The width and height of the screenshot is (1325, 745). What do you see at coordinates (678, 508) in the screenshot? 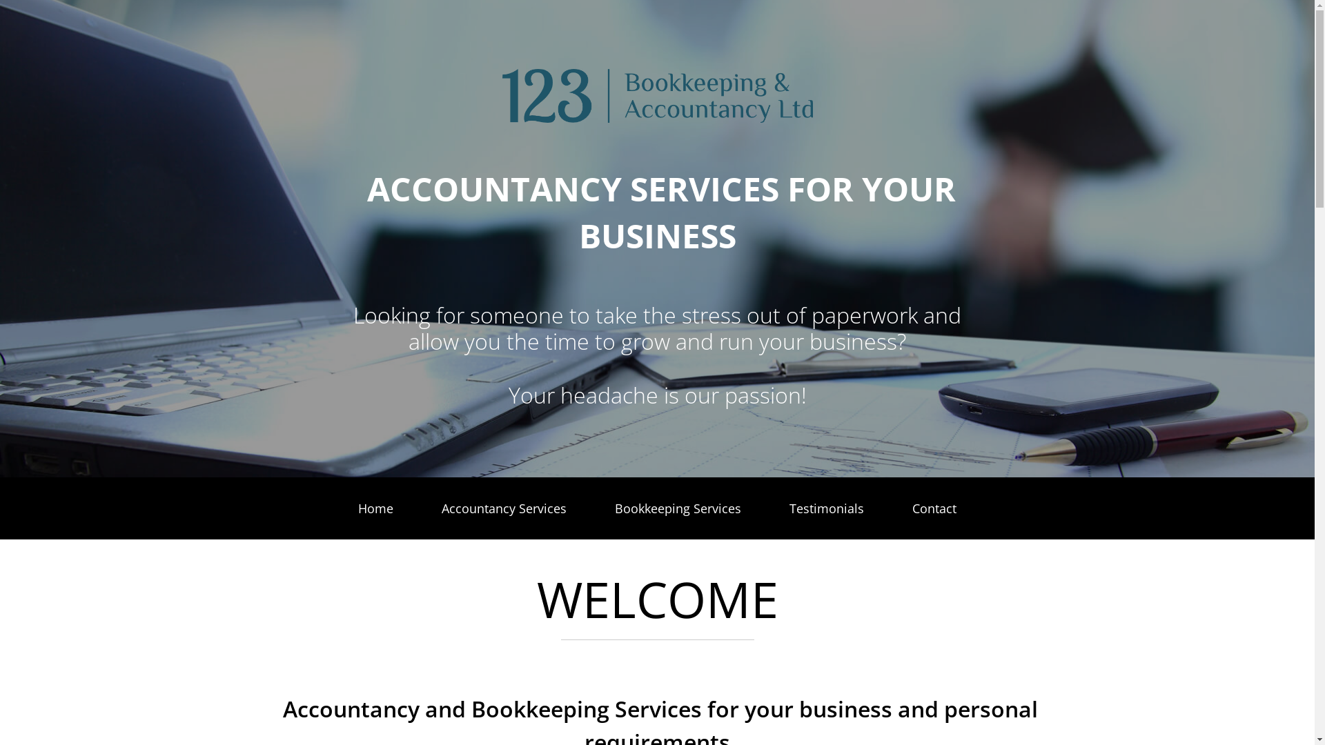
I see `'Bookkeeping Services'` at bounding box center [678, 508].